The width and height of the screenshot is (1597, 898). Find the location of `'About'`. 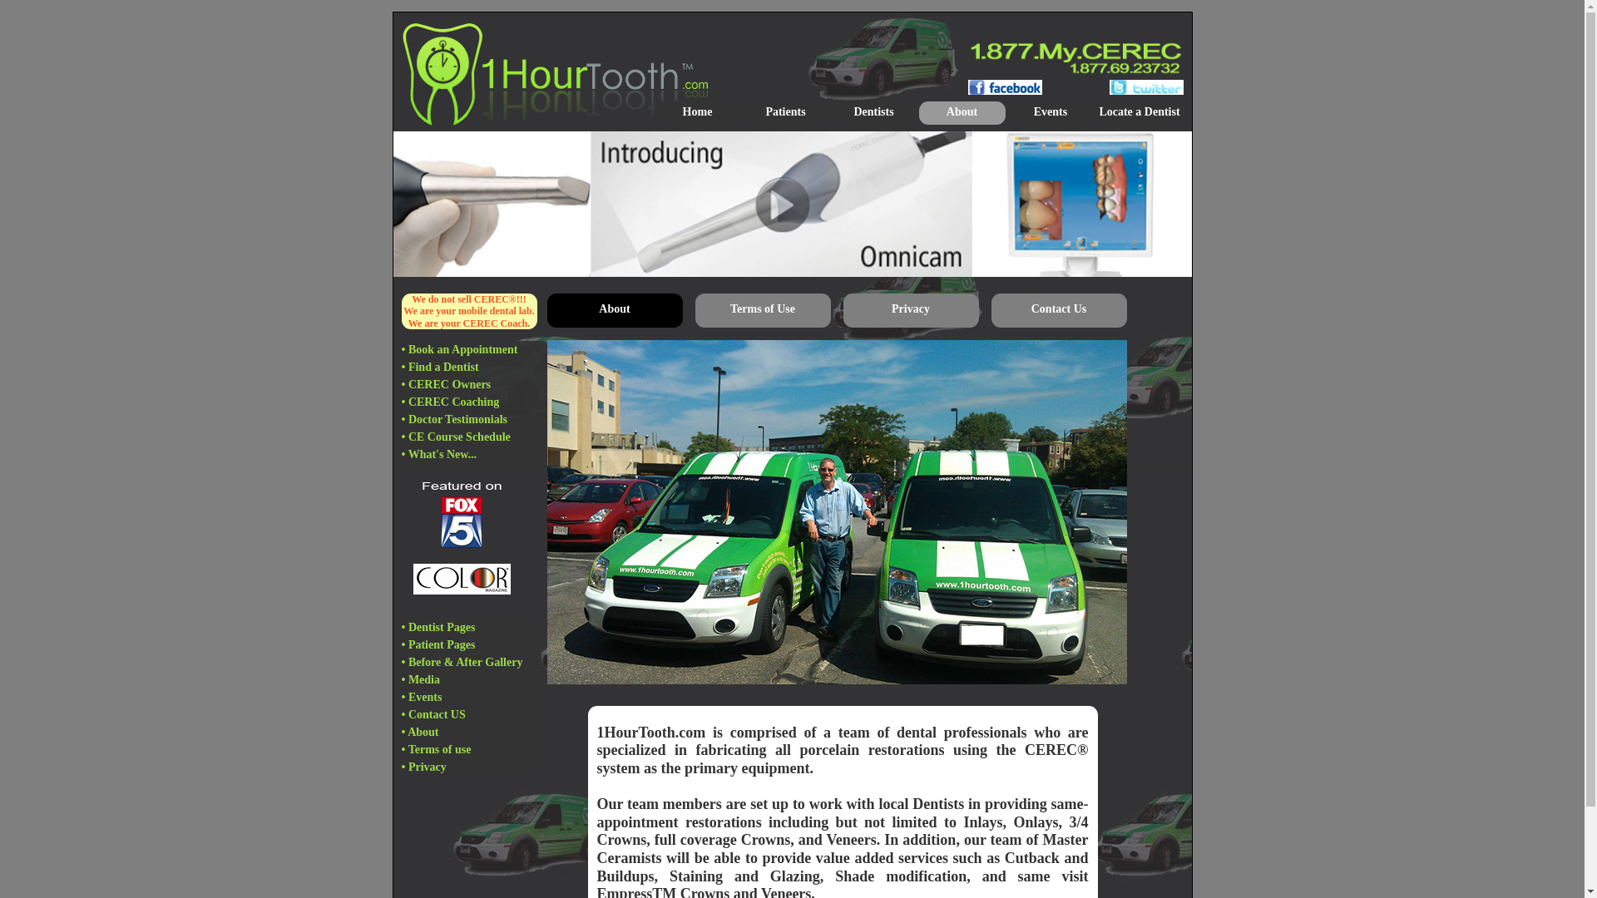

'About' is located at coordinates (962, 112).